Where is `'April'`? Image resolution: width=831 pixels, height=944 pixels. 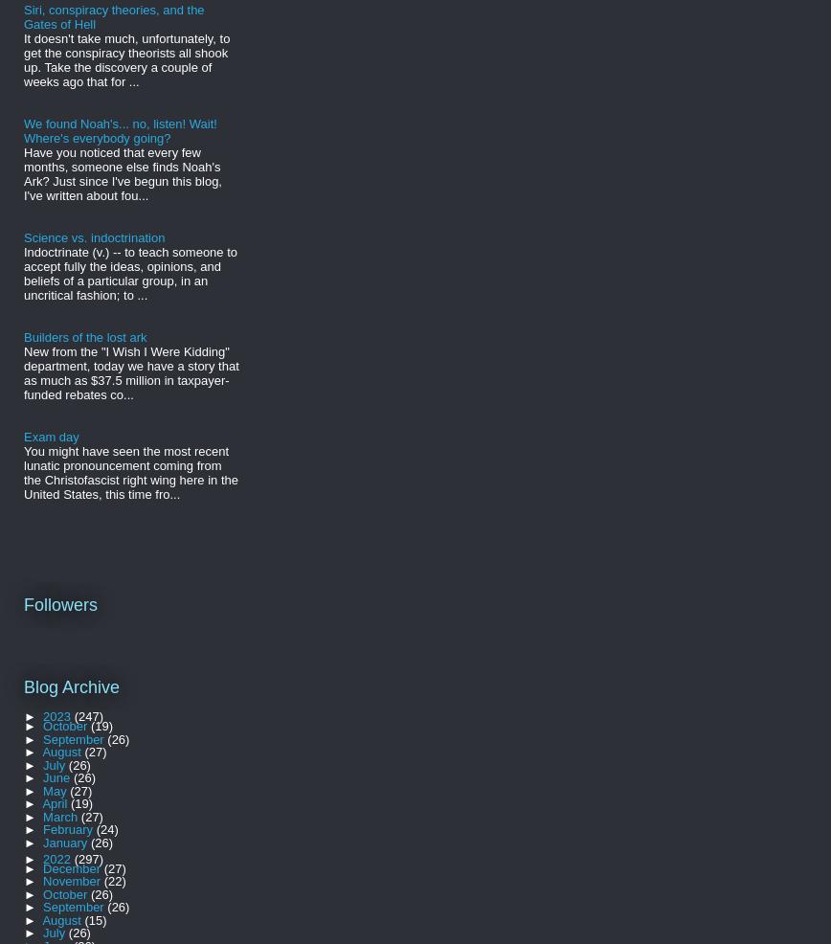
'April' is located at coordinates (56, 802).